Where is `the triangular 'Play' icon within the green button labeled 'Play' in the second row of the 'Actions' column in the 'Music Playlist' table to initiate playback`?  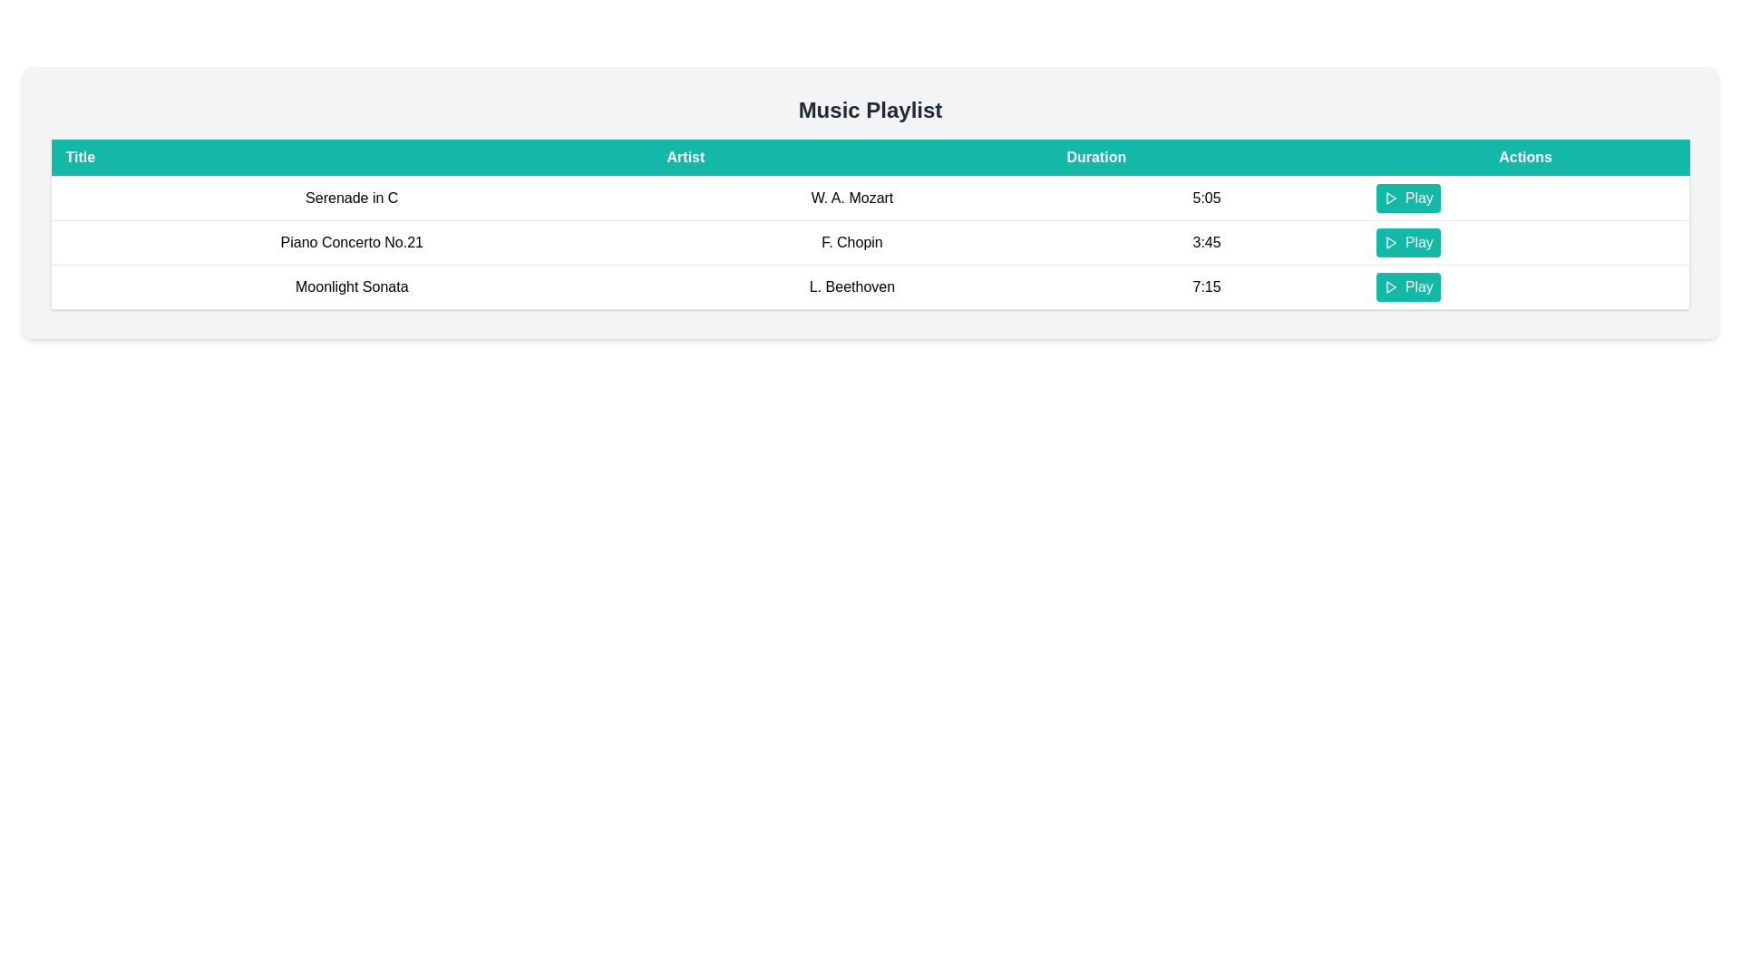 the triangular 'Play' icon within the green button labeled 'Play' in the second row of the 'Actions' column in the 'Music Playlist' table to initiate playback is located at coordinates (1390, 241).